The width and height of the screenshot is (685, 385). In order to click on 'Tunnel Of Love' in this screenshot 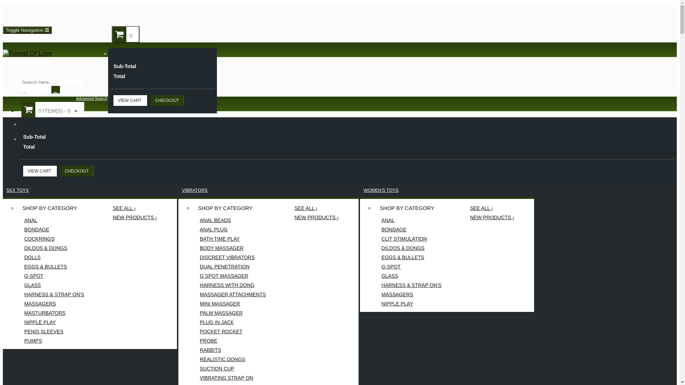, I will do `click(27, 53)`.